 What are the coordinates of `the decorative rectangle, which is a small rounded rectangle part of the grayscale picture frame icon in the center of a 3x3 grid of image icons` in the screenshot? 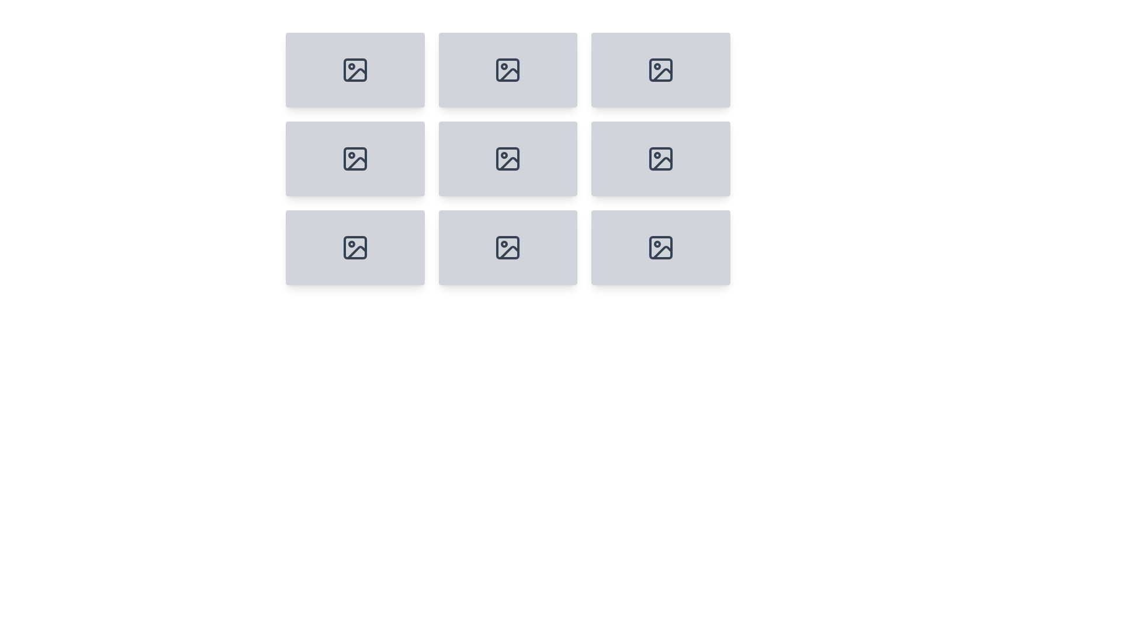 It's located at (508, 159).